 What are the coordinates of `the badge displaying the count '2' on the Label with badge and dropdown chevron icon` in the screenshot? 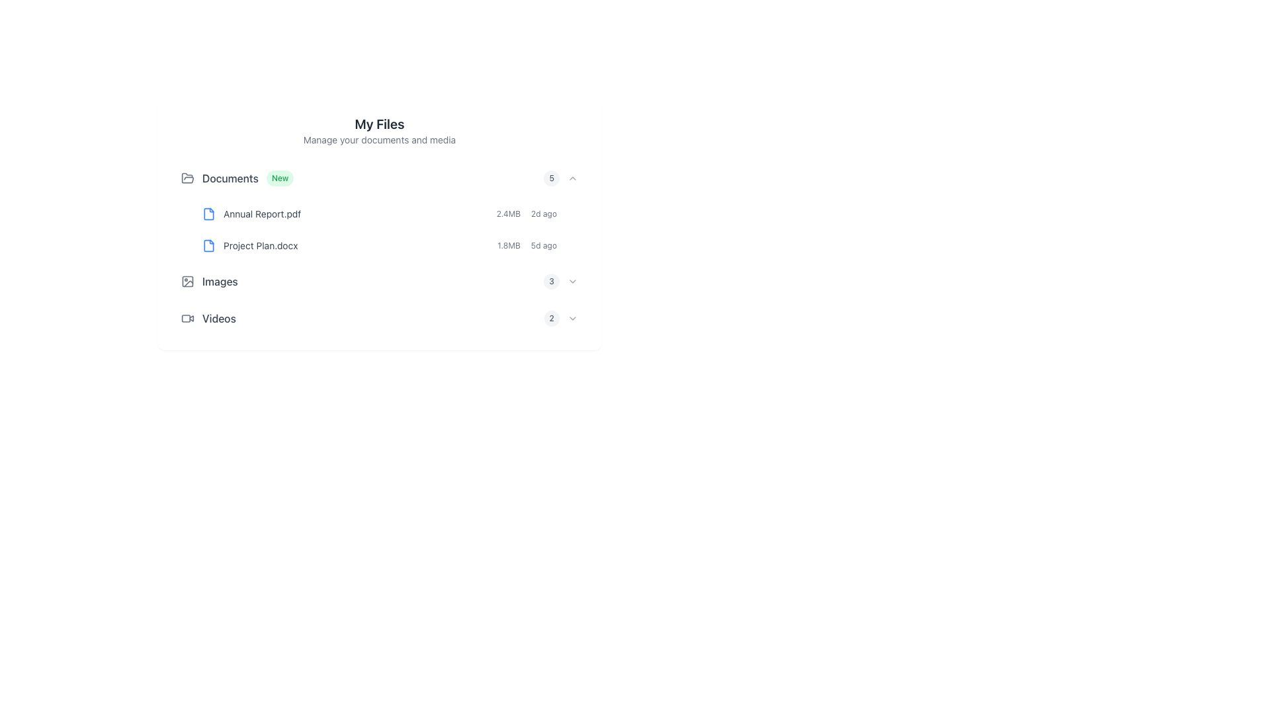 It's located at (561, 319).